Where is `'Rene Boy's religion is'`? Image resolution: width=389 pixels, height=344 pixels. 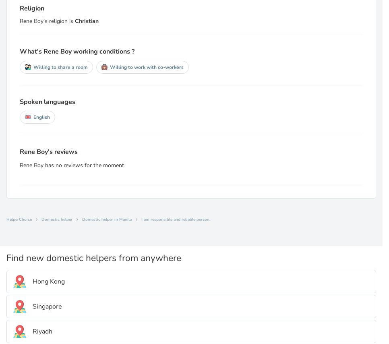
'Rene Boy's religion is' is located at coordinates (19, 21).